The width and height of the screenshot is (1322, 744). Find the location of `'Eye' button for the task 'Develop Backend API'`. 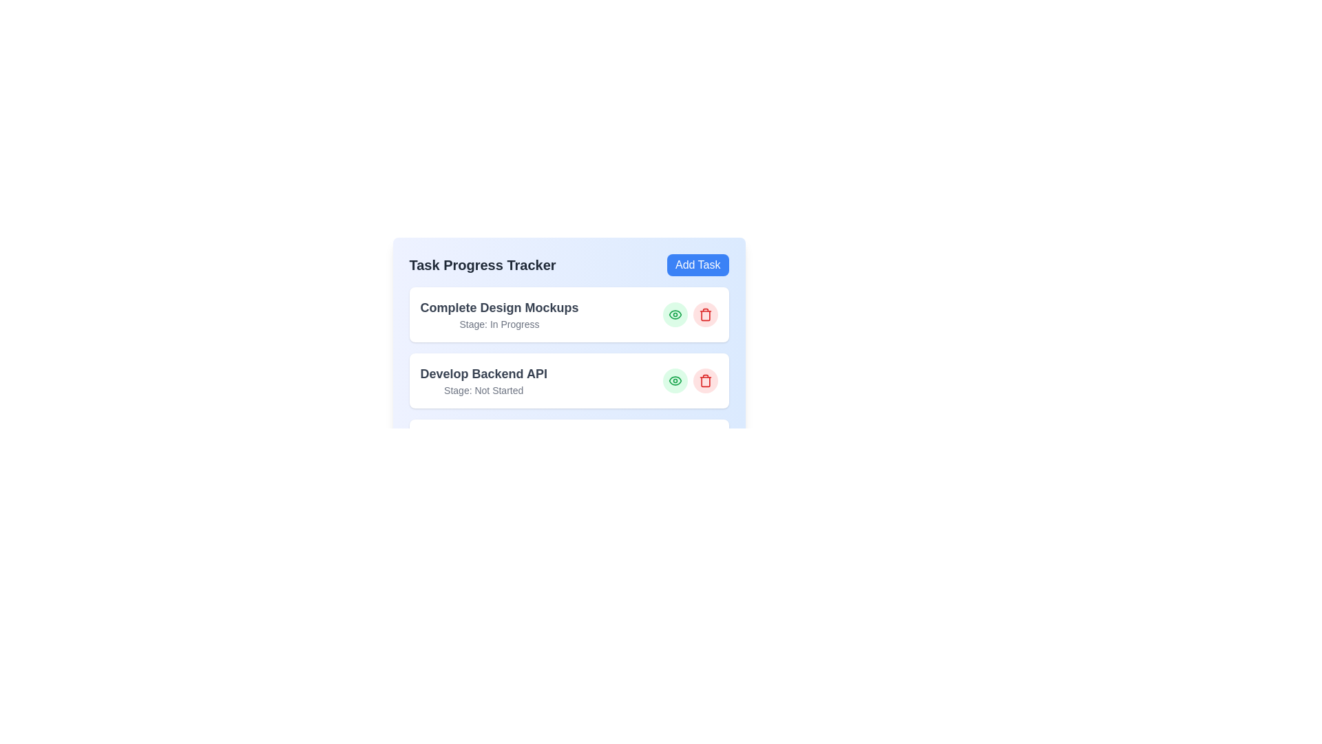

'Eye' button for the task 'Develop Backend API' is located at coordinates (675, 380).